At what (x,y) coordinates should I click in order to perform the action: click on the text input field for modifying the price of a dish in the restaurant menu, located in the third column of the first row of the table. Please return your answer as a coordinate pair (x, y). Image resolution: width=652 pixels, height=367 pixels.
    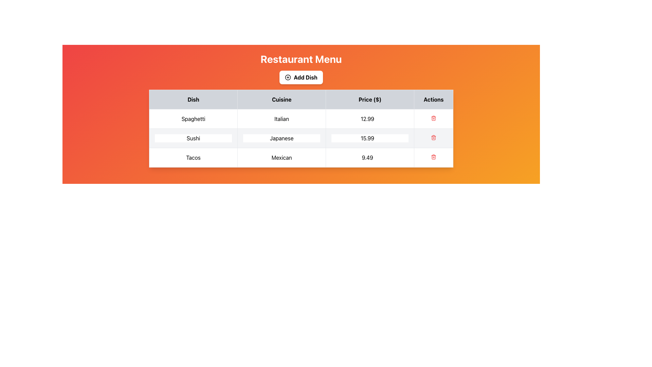
    Looking at the image, I should click on (369, 119).